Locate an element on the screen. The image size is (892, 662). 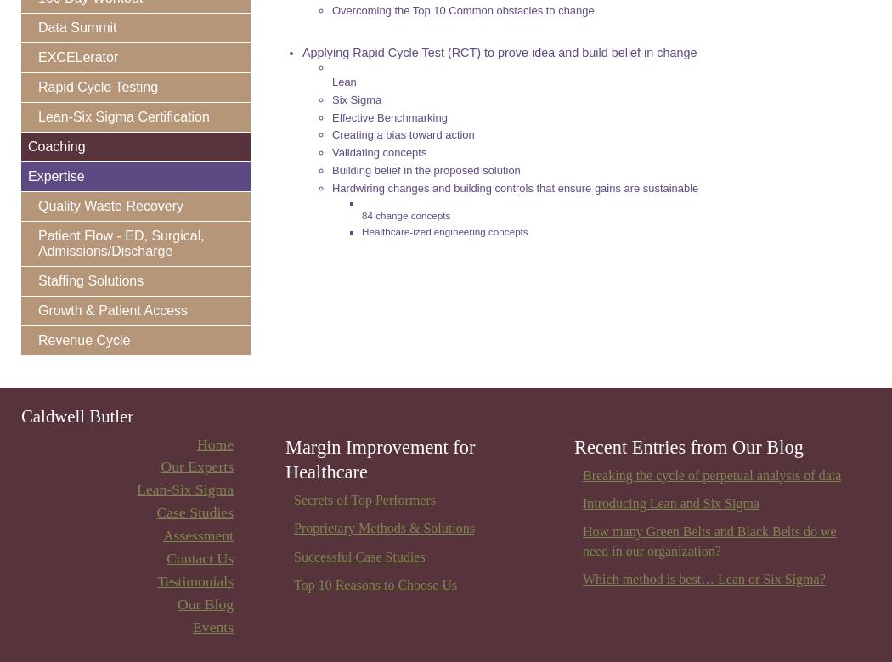
'Lean' is located at coordinates (332, 80).